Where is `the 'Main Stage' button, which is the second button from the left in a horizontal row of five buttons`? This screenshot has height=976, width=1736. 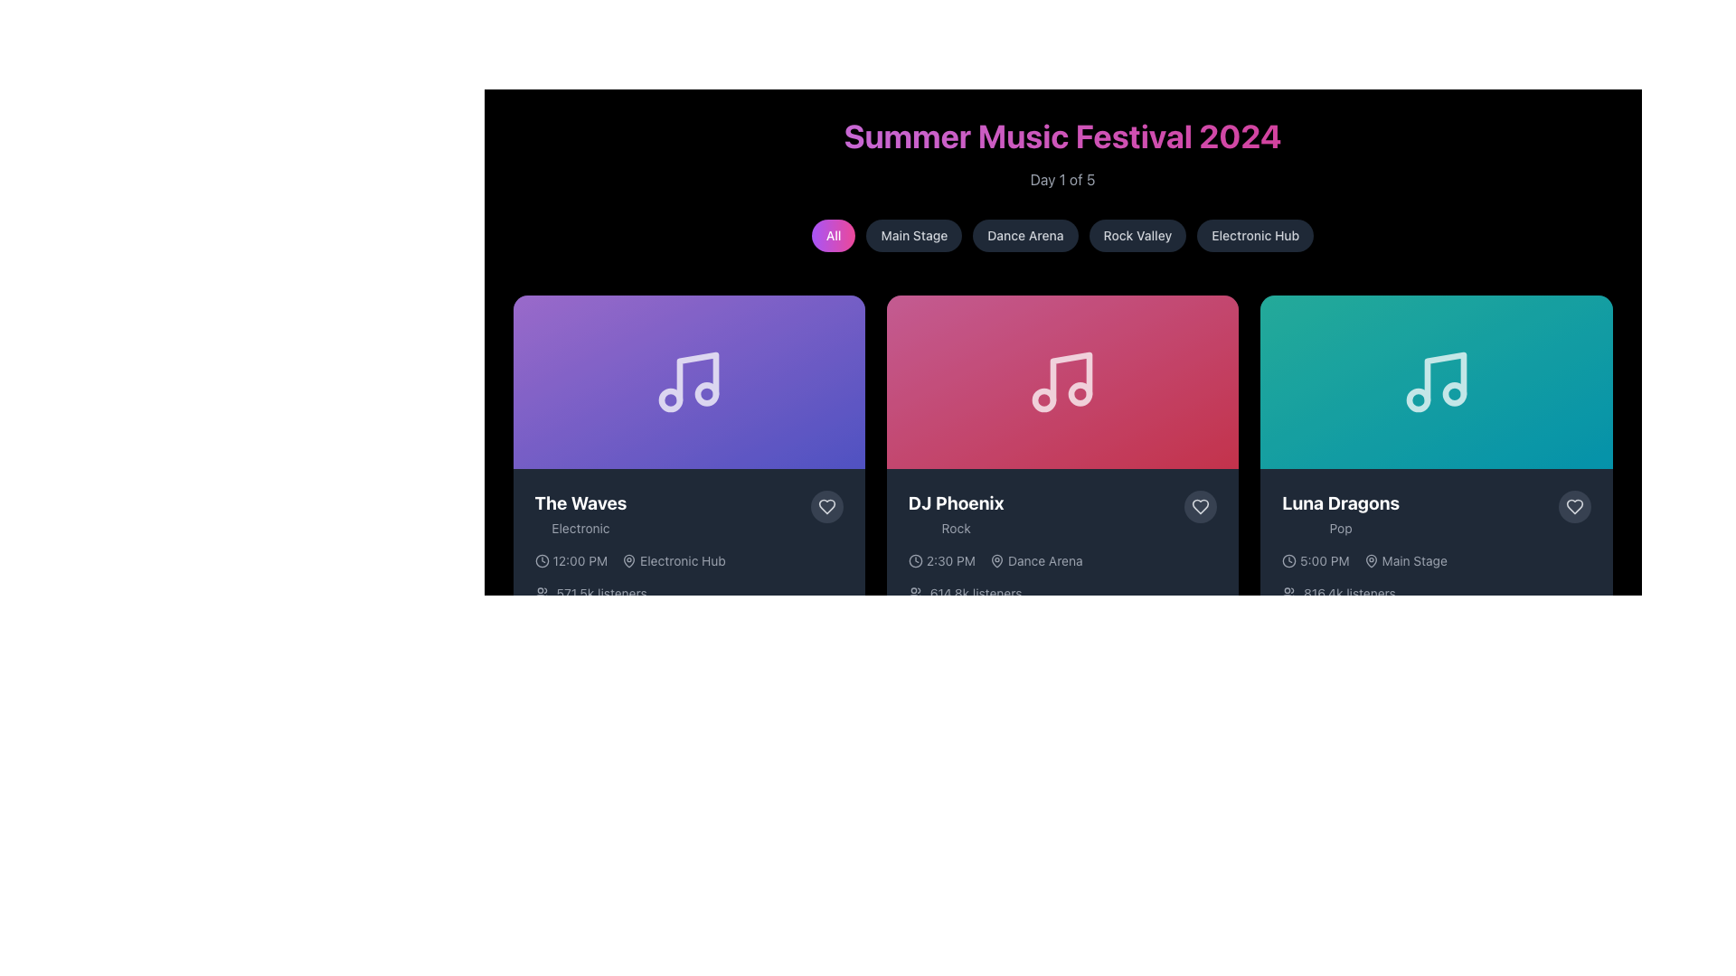
the 'Main Stage' button, which is the second button from the left in a horizontal row of five buttons is located at coordinates (914, 235).